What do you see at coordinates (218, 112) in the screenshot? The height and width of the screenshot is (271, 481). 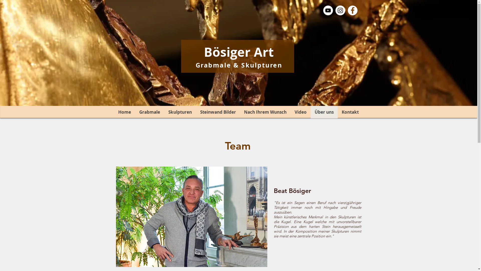 I see `'Steinwand Bilder'` at bounding box center [218, 112].